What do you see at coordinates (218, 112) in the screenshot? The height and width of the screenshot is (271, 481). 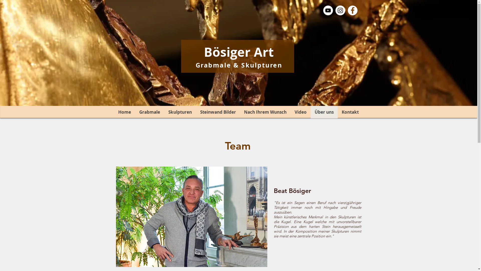 I see `'Steinwand Bilder'` at bounding box center [218, 112].